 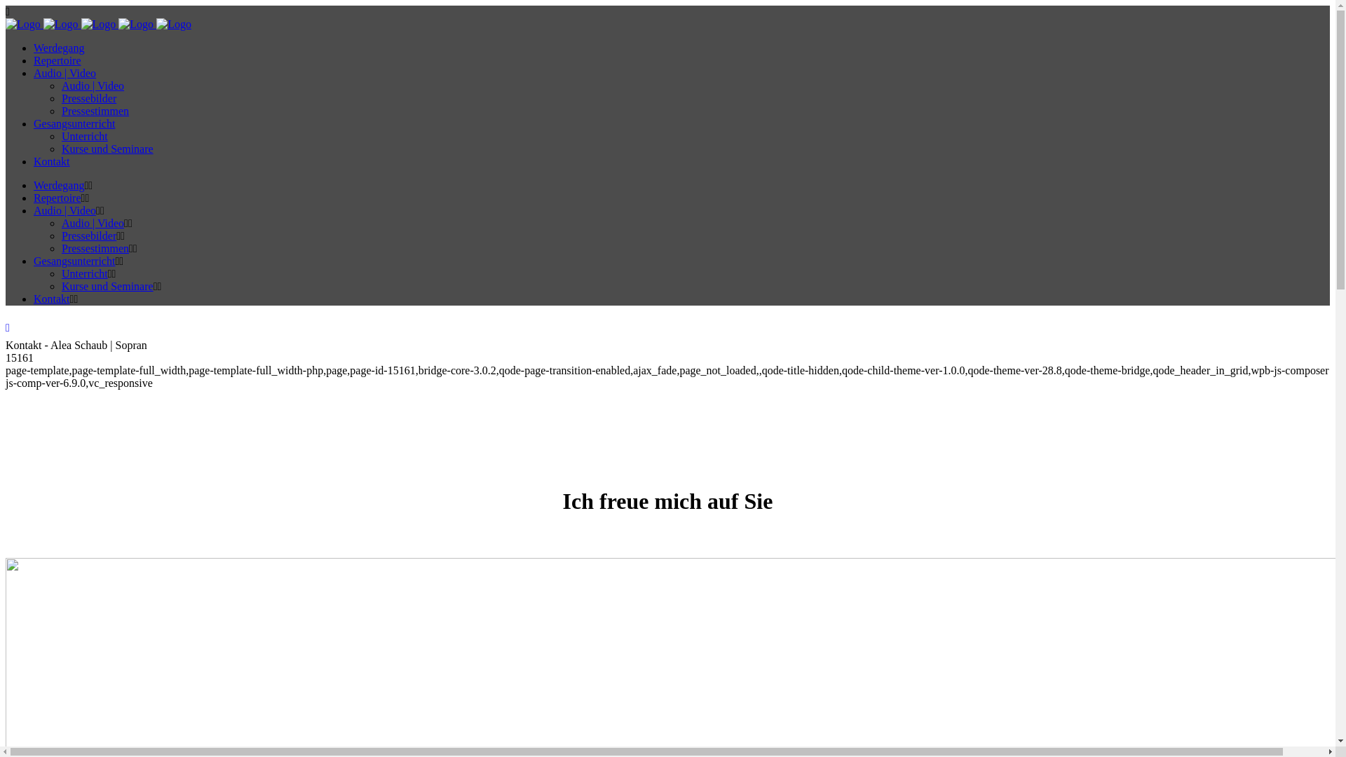 What do you see at coordinates (34, 47) in the screenshot?
I see `'Werdegang'` at bounding box center [34, 47].